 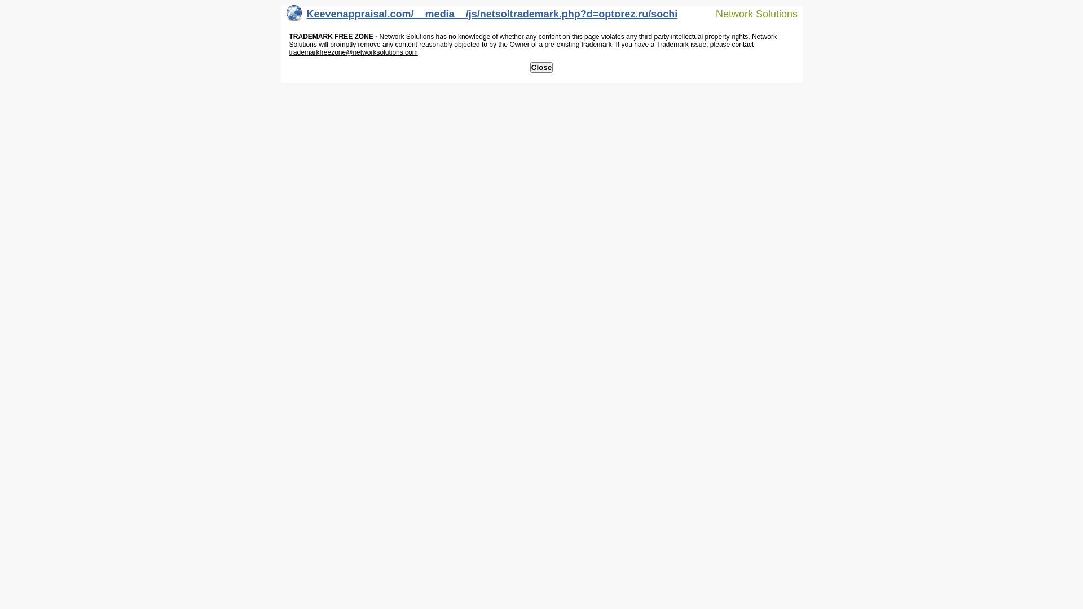 What do you see at coordinates (352, 52) in the screenshot?
I see `'trademarkfreezone@networksolutions.com'` at bounding box center [352, 52].